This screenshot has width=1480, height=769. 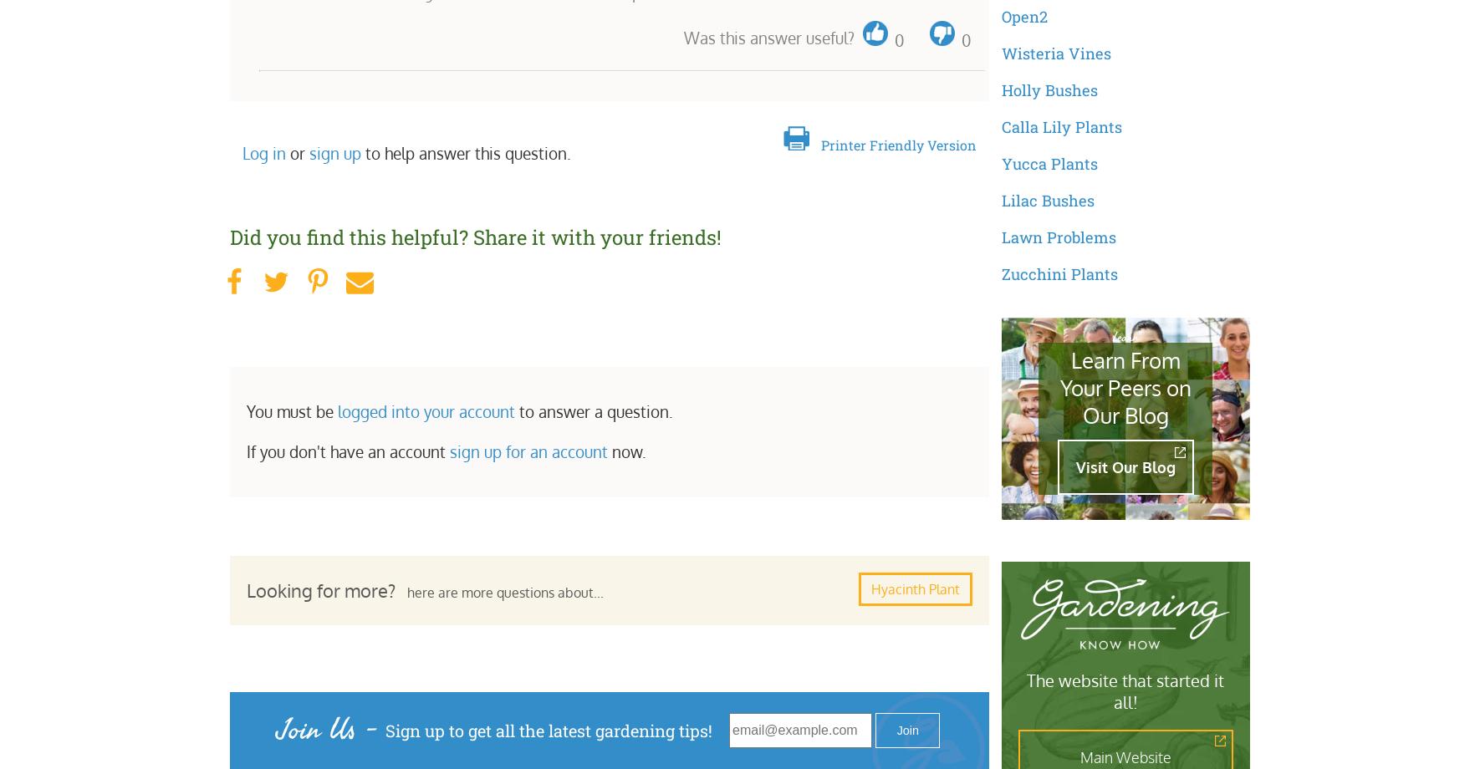 I want to click on 'Learn', so click(x=1111, y=335).